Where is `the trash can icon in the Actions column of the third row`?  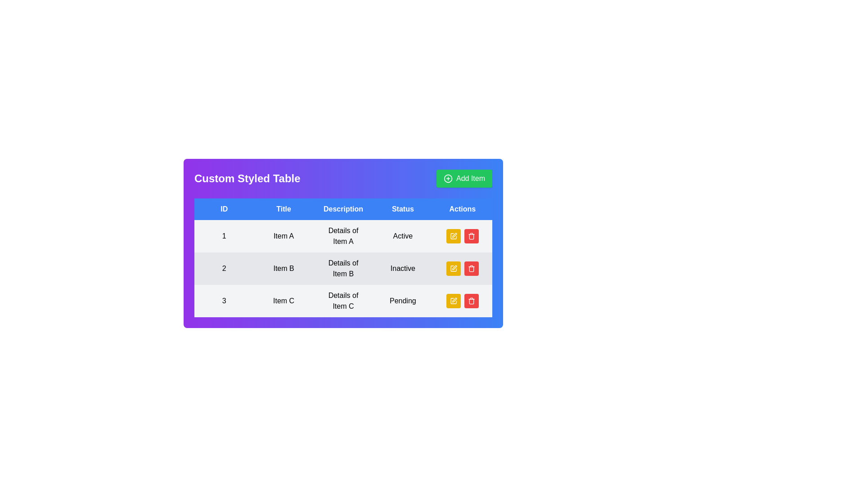 the trash can icon in the Actions column of the third row is located at coordinates (471, 301).